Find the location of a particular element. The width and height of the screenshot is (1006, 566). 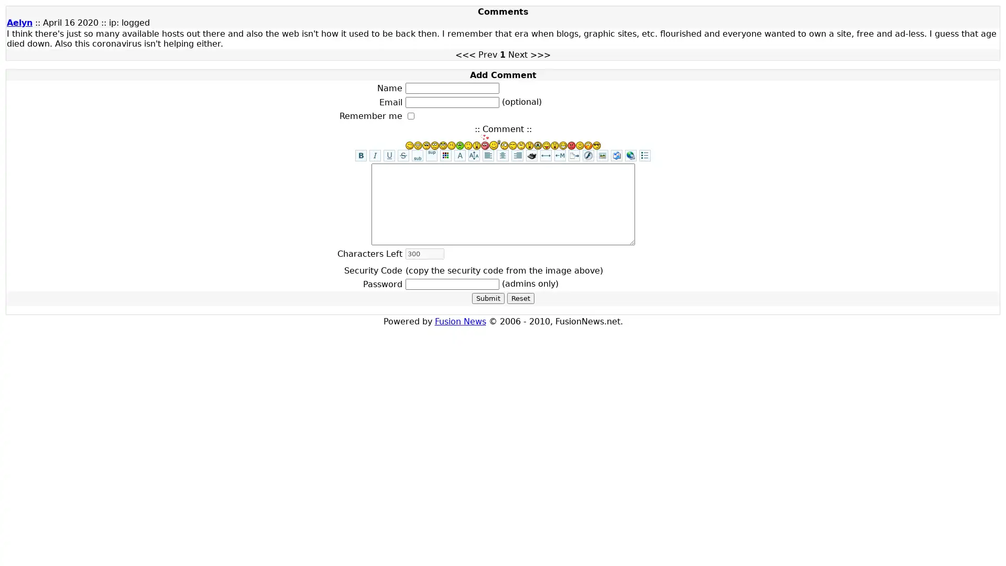

Submit is located at coordinates (487, 298).